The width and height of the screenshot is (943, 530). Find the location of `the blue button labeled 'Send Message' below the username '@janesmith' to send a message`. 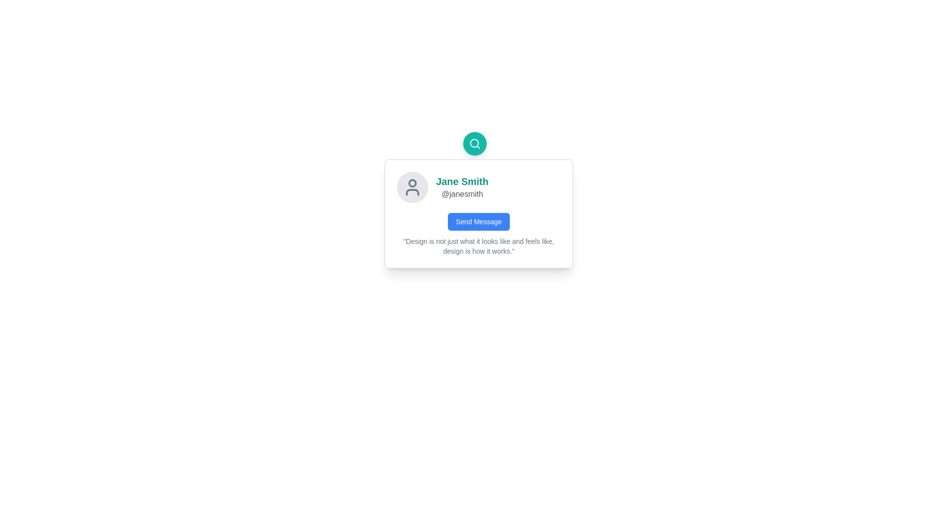

the blue button labeled 'Send Message' below the username '@janesmith' to send a message is located at coordinates (478, 221).